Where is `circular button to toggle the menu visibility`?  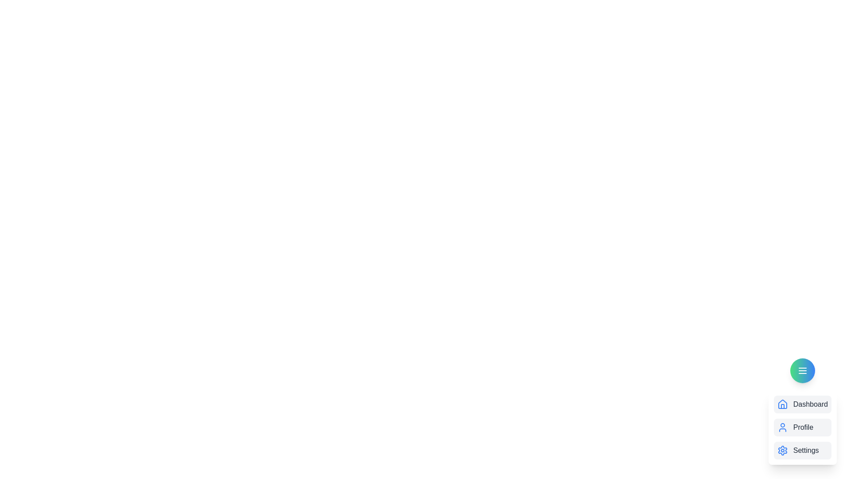
circular button to toggle the menu visibility is located at coordinates (802, 371).